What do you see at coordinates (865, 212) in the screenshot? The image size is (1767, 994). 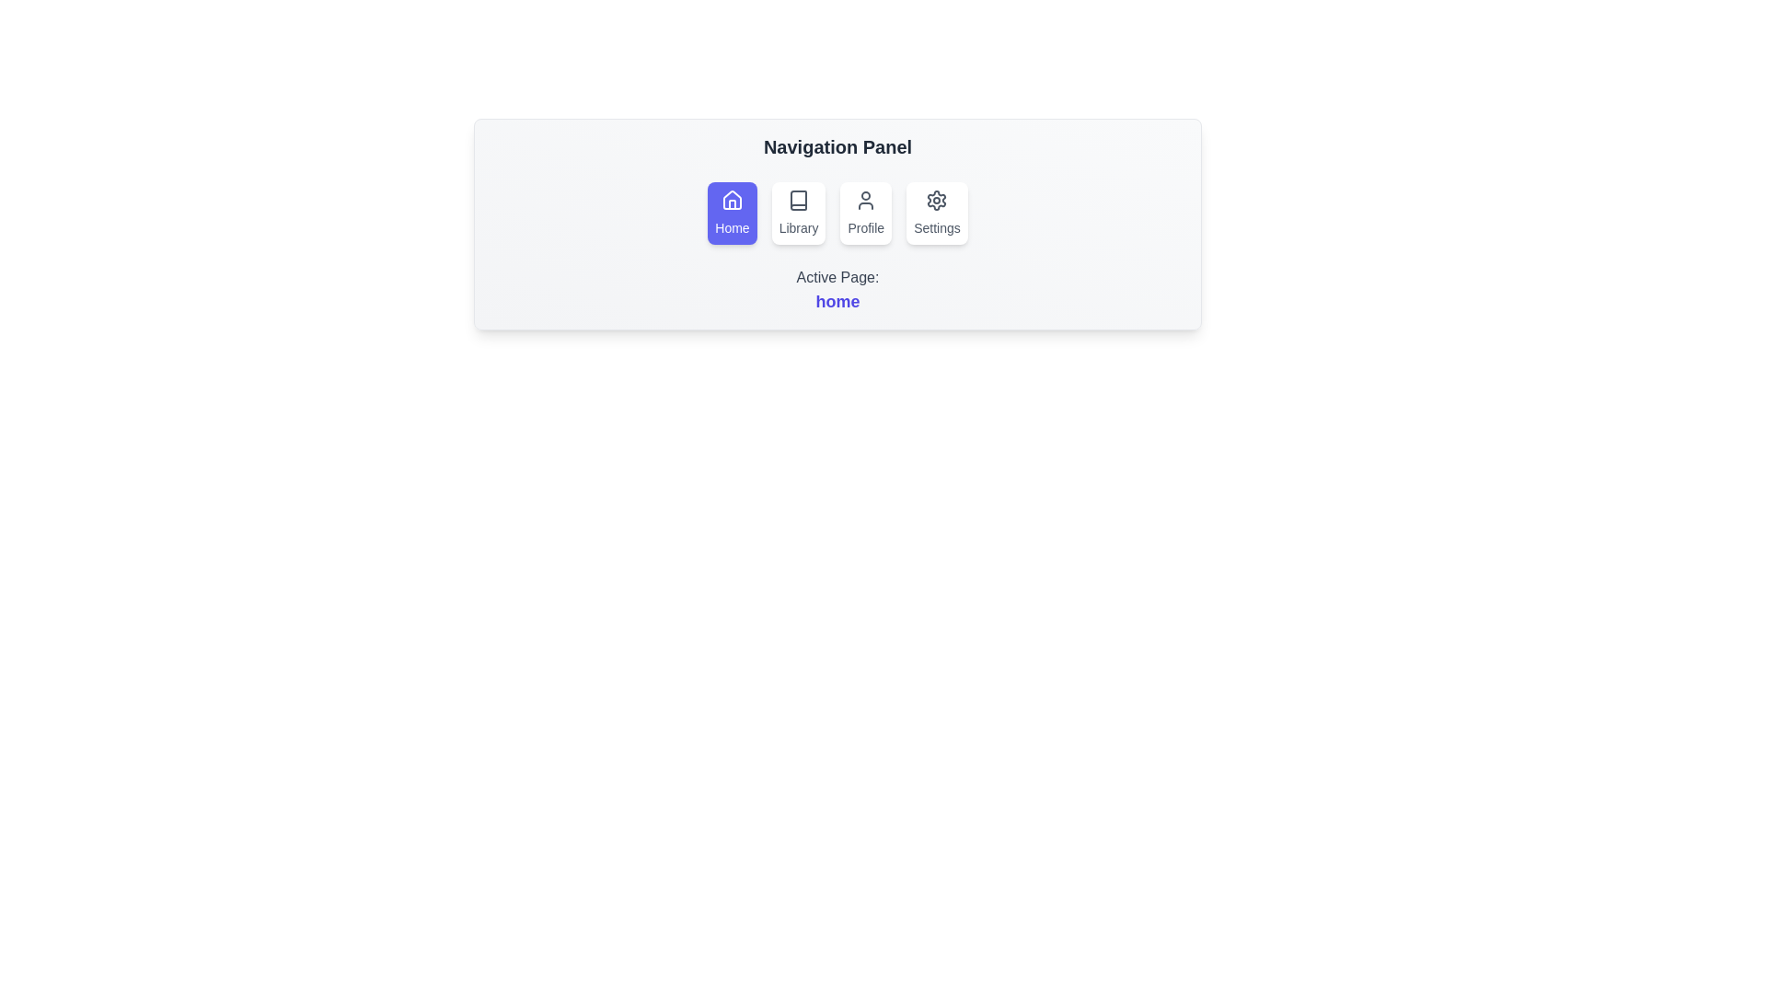 I see `the Profile button located in the horizontal navigation panel, which is the third option from the left` at bounding box center [865, 212].